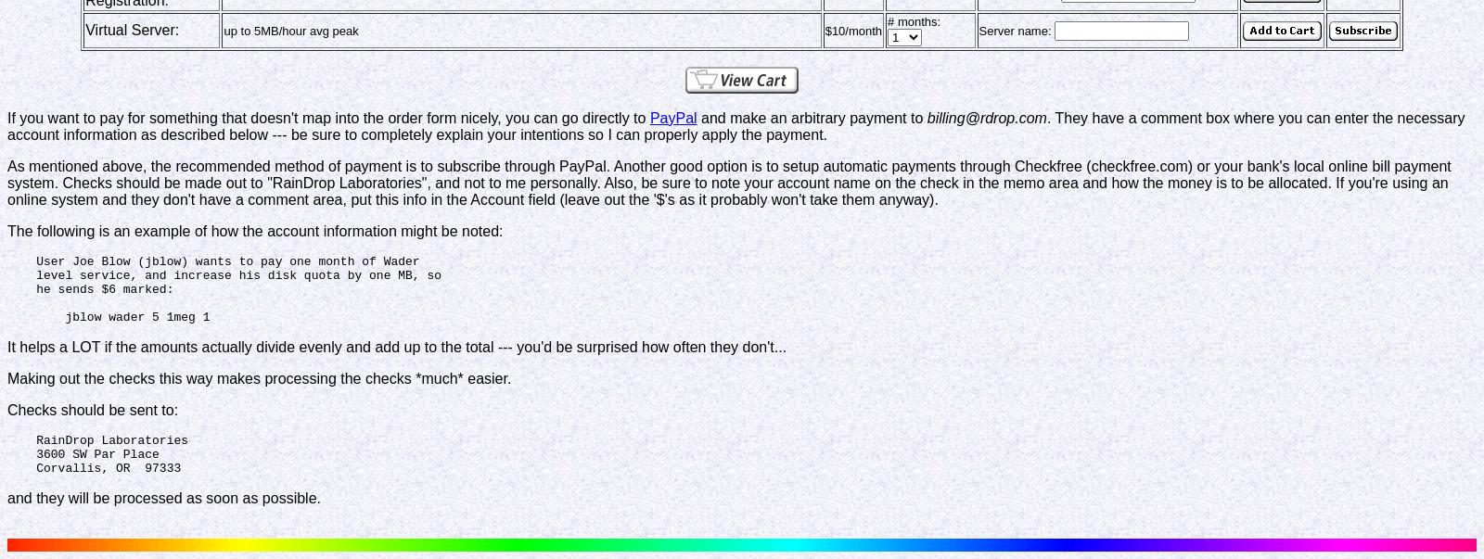 The height and width of the screenshot is (559, 1484). What do you see at coordinates (92, 409) in the screenshot?
I see `'Checks should be sent to:'` at bounding box center [92, 409].